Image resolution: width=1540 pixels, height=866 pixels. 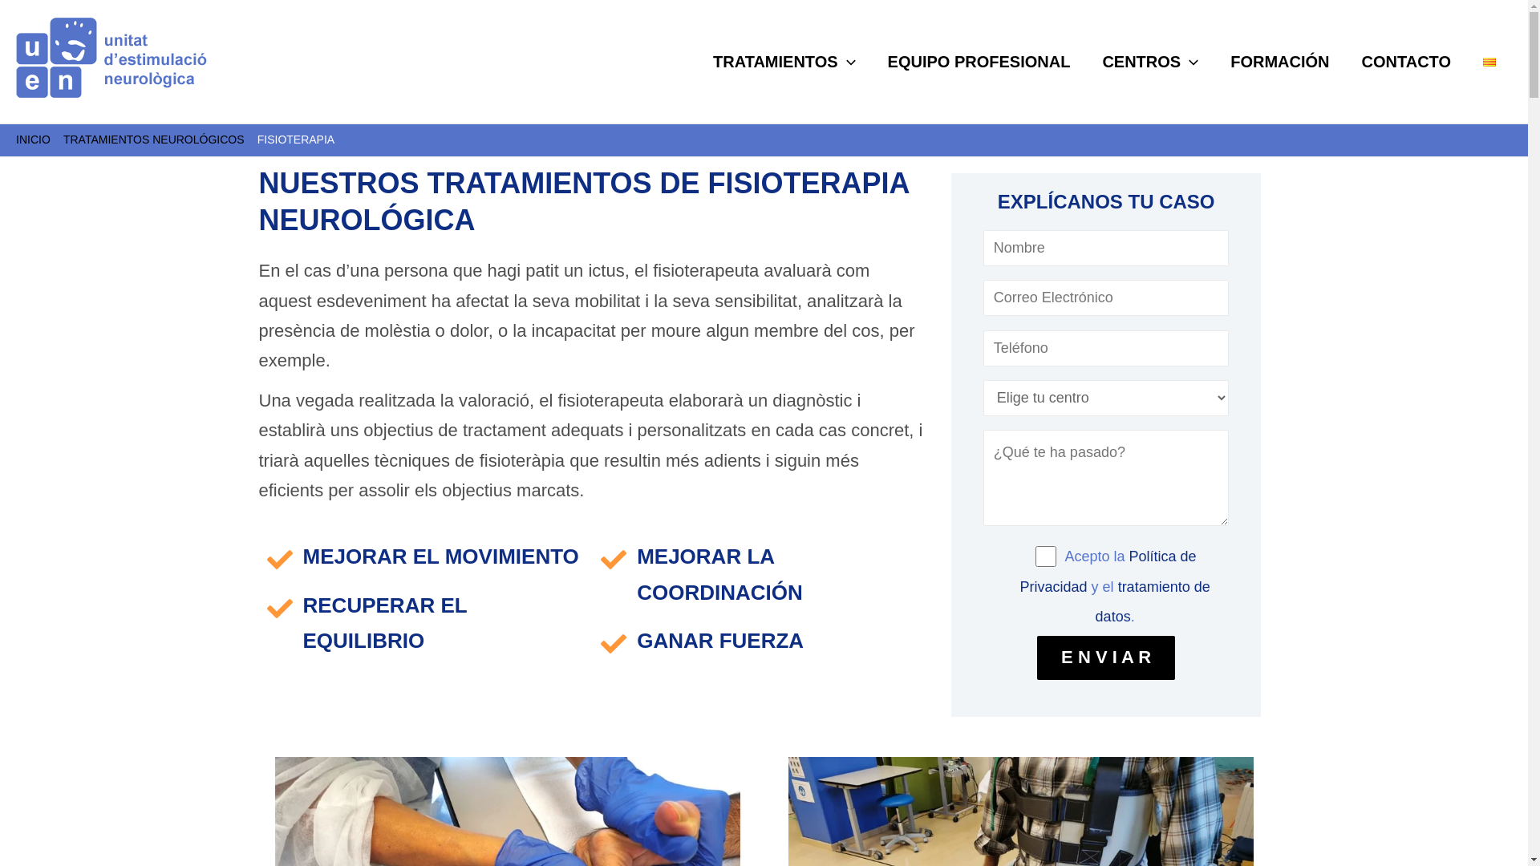 I want to click on 'CENTROS', so click(x=1149, y=61).